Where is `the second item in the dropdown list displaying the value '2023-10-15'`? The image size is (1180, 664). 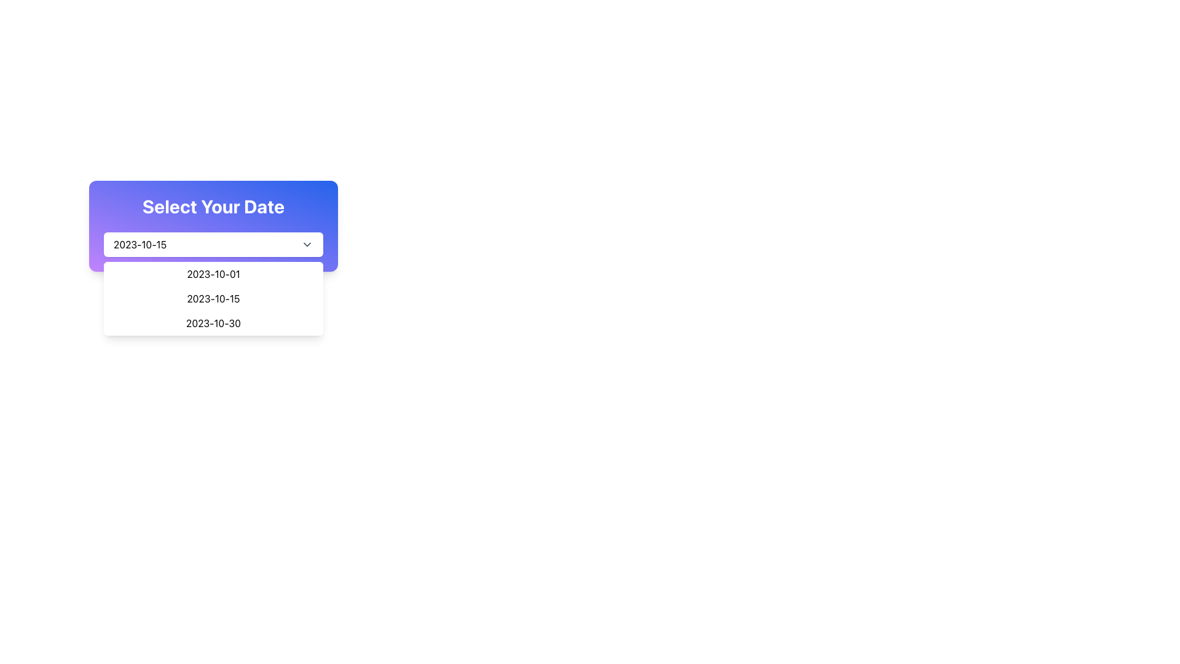 the second item in the dropdown list displaying the value '2023-10-15' is located at coordinates (213, 299).